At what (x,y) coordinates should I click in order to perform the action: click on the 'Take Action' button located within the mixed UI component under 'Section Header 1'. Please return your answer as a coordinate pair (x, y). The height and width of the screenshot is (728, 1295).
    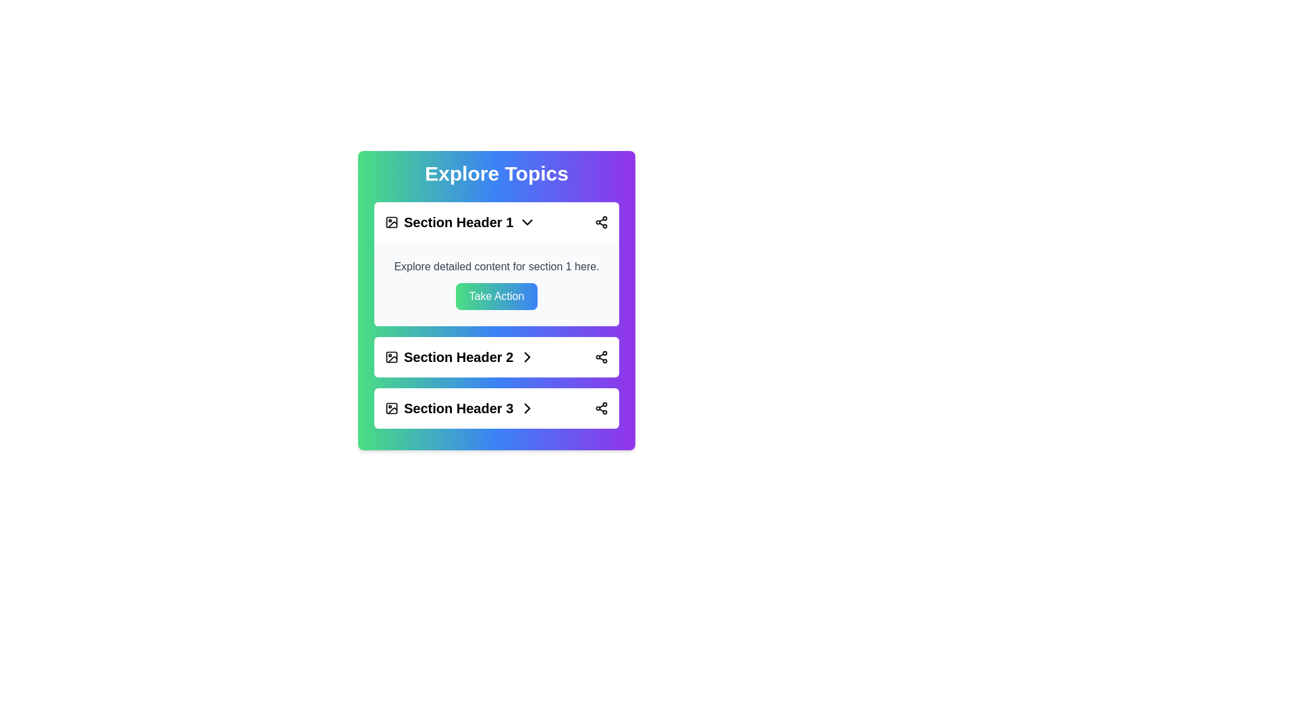
    Looking at the image, I should click on (496, 283).